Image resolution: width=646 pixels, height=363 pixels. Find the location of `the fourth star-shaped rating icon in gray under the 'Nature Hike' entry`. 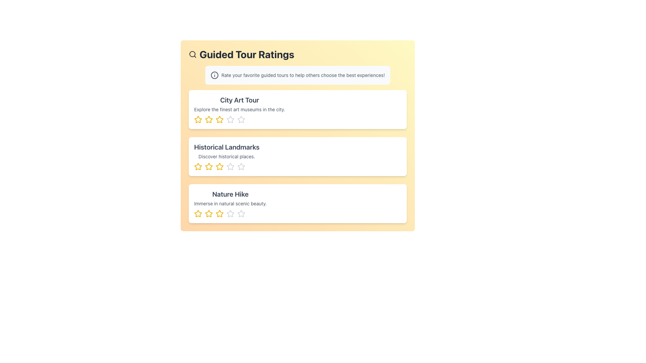

the fourth star-shaped rating icon in gray under the 'Nature Hike' entry is located at coordinates (230, 214).